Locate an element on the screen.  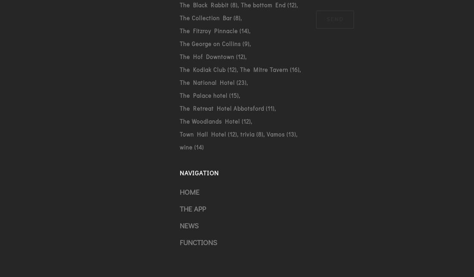
'The bottom End' is located at coordinates (262, 4).